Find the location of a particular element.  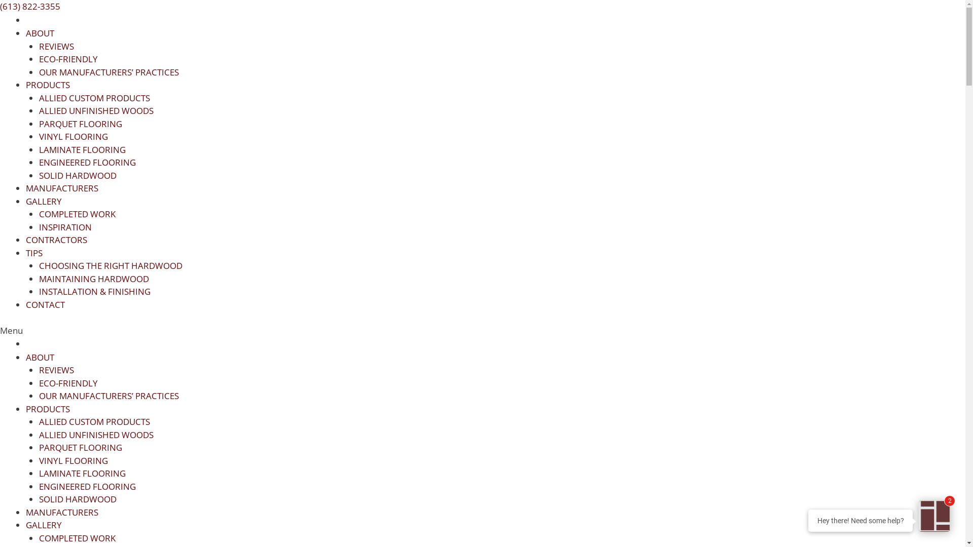

'(613) 822-3355' is located at coordinates (30, 6).